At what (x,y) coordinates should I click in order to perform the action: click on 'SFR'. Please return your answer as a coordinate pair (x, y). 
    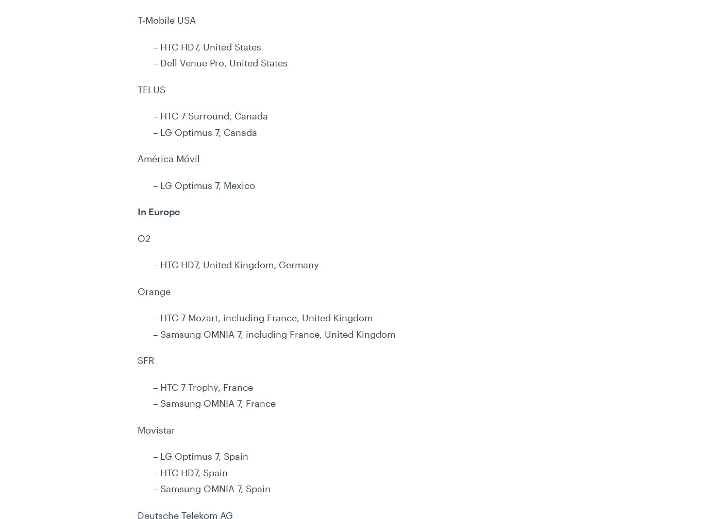
    Looking at the image, I should click on (146, 360).